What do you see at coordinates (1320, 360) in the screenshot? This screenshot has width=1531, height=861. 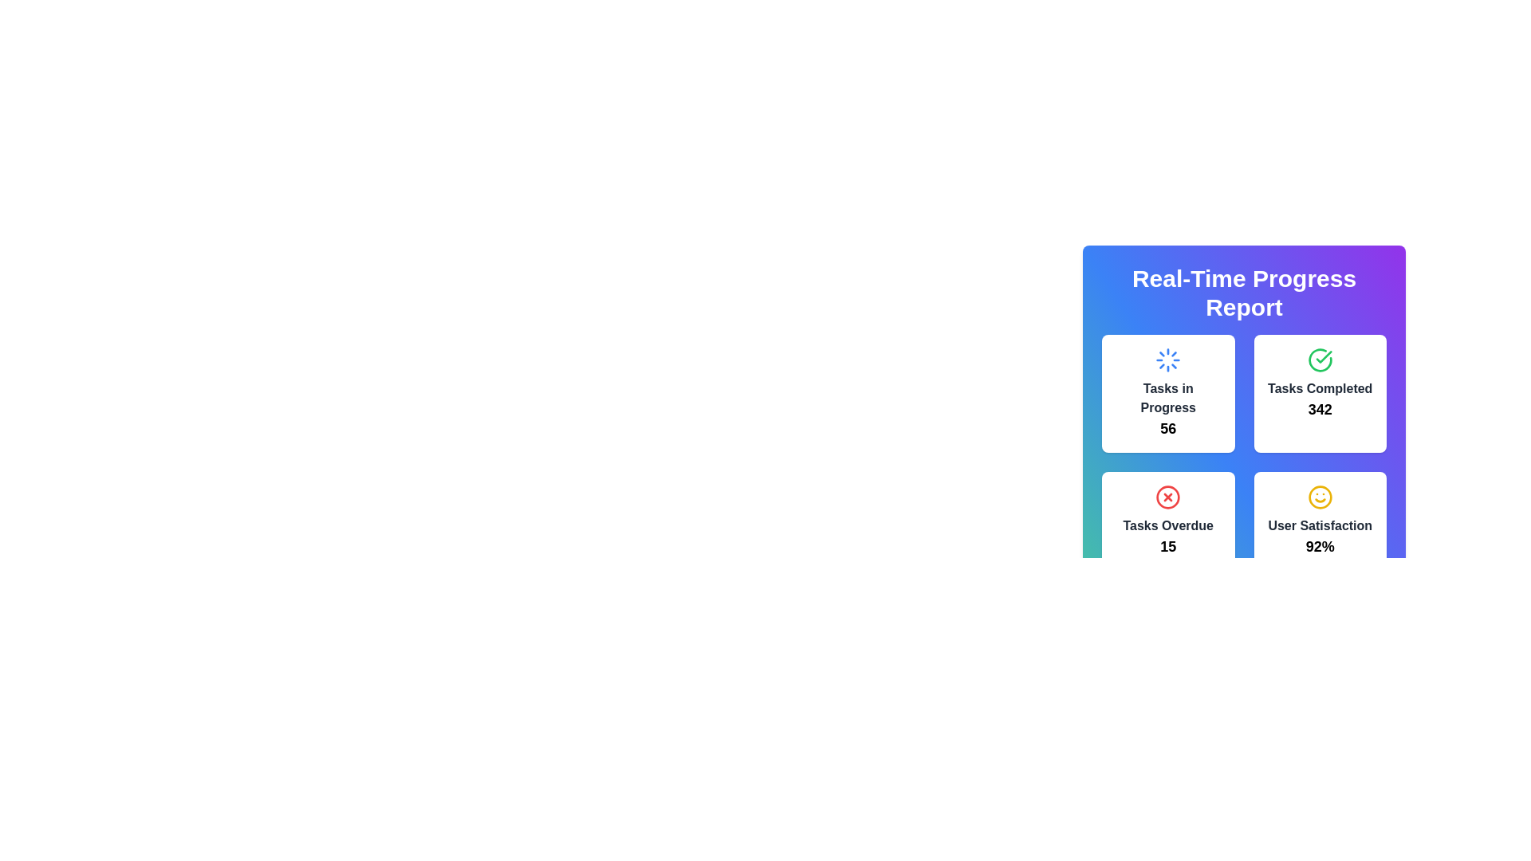 I see `the checkmark indicator icon located within the 'Tasks Completed' card displaying the number '342' in the top-right quadrant of the grid layout` at bounding box center [1320, 360].